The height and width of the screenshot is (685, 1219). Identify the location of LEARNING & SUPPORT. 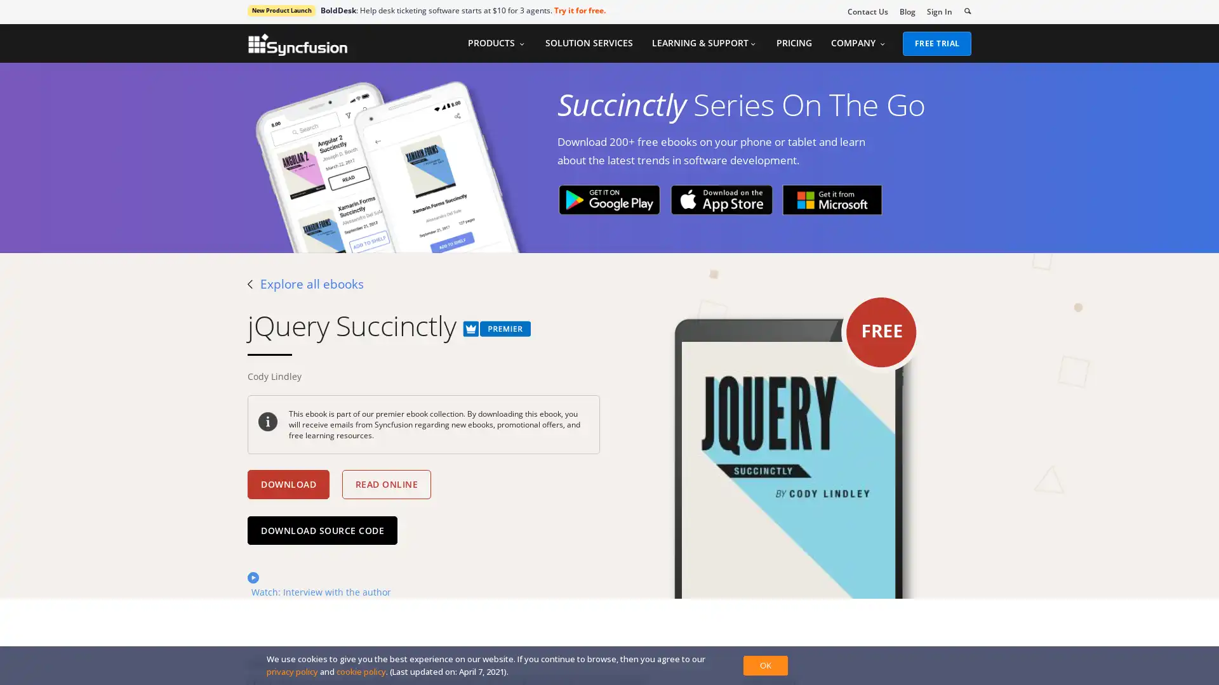
(703, 42).